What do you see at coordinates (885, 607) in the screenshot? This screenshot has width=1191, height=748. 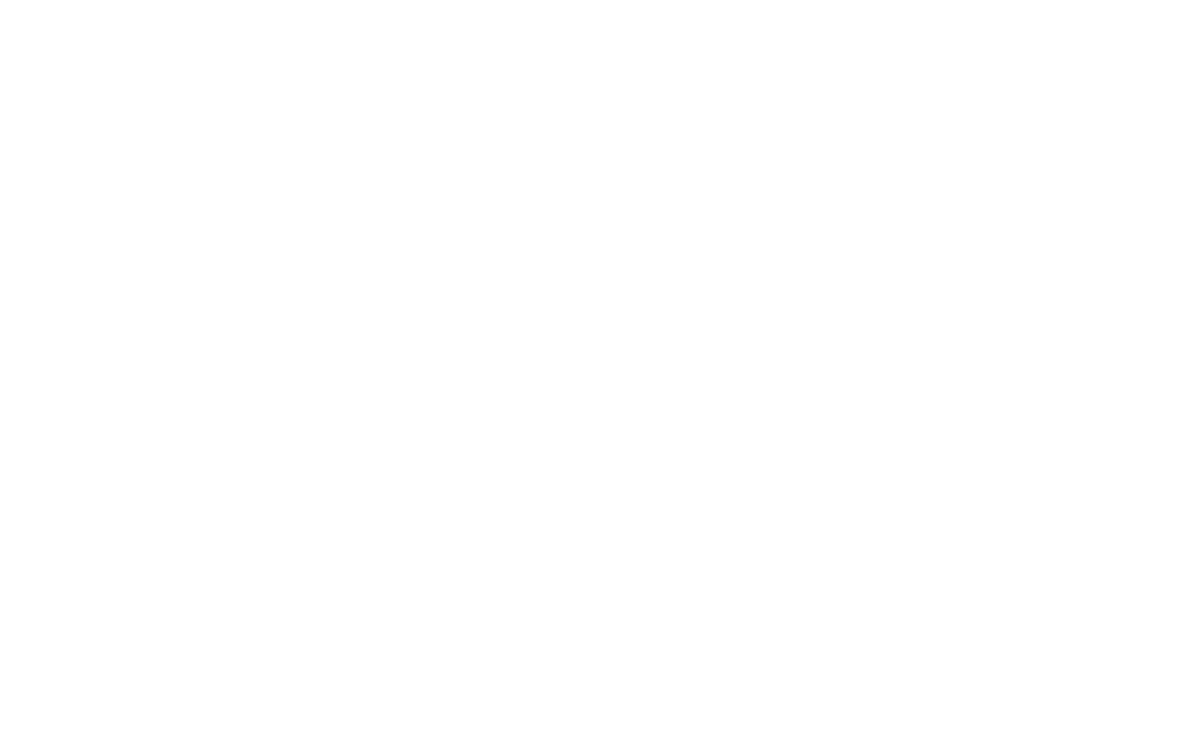 I see `'1xBet qeydiyyat Azərbaycanda 1xBet saytında qeydiyyatdan keçin, yeni müştərilər üçün bonus 230'` at bounding box center [885, 607].